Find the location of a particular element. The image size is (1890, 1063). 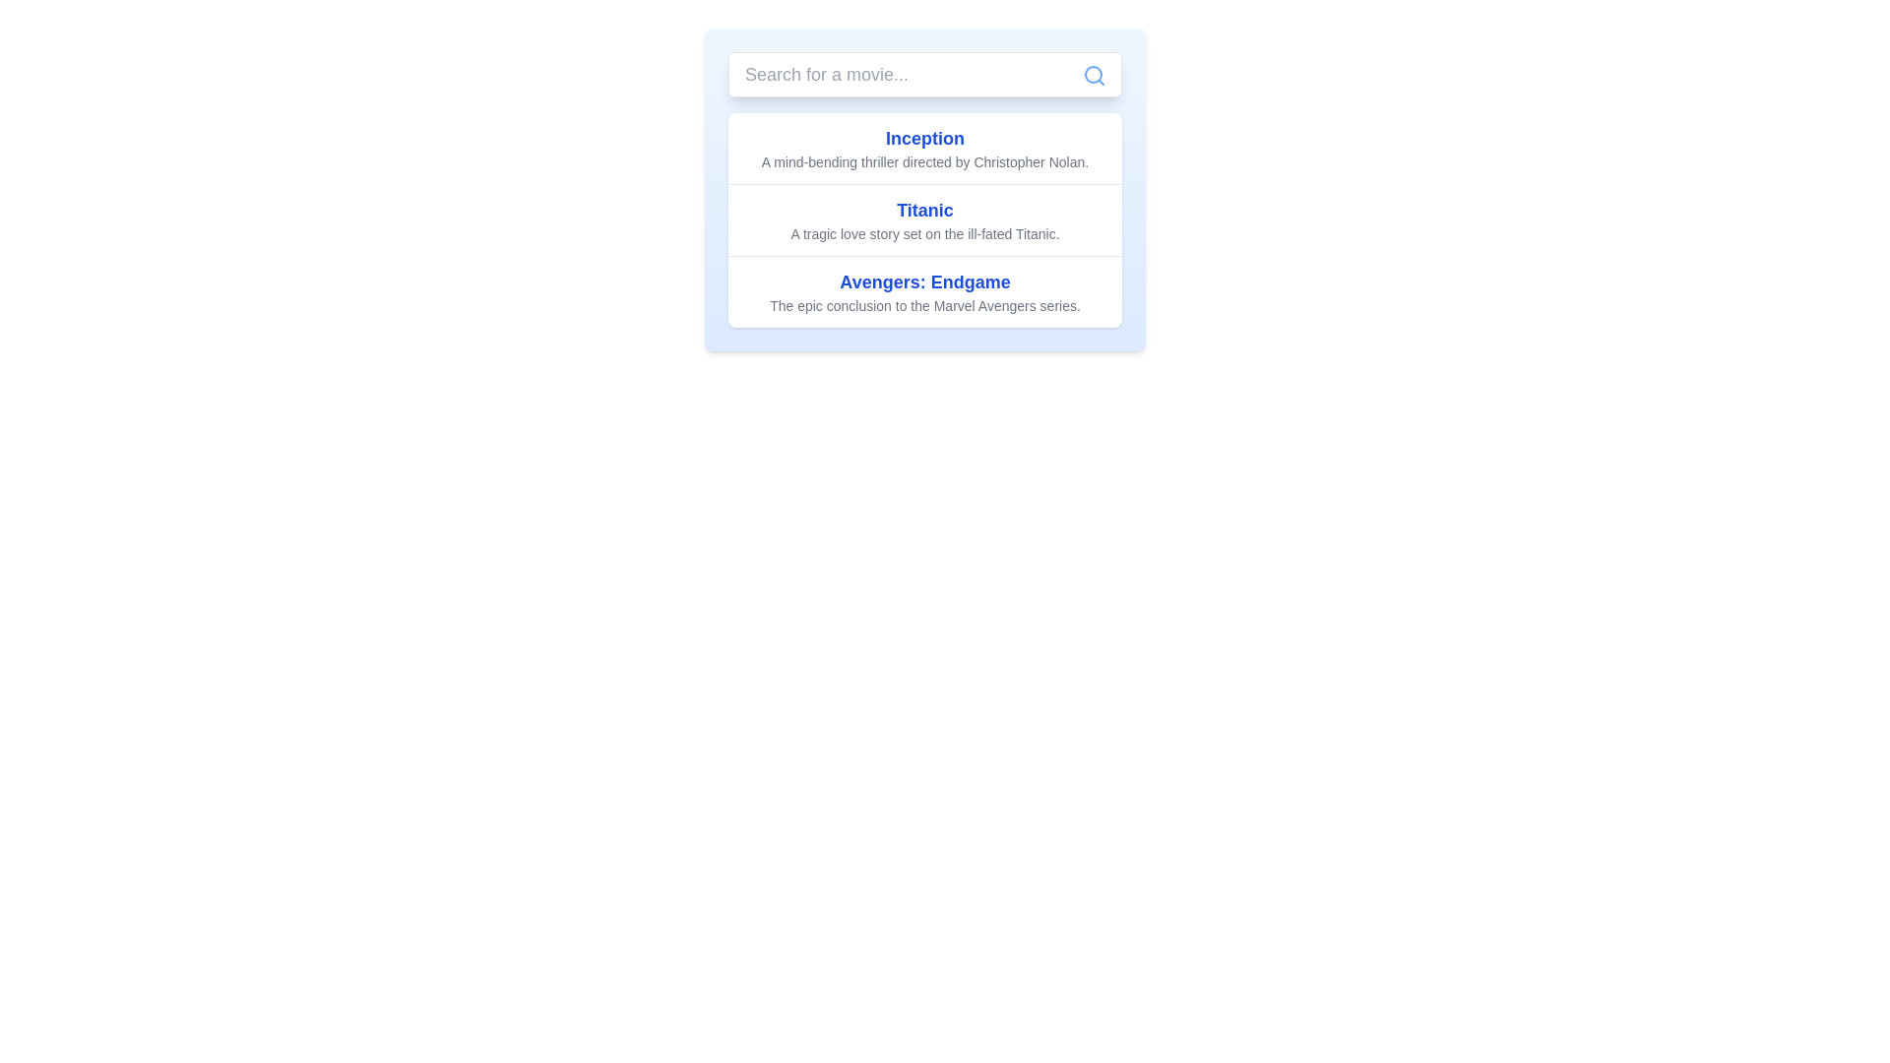

the text label displaying 'Titanic', which is styled in a large, bold blue font and serves as the header for the section about the movie is located at coordinates (924, 210).